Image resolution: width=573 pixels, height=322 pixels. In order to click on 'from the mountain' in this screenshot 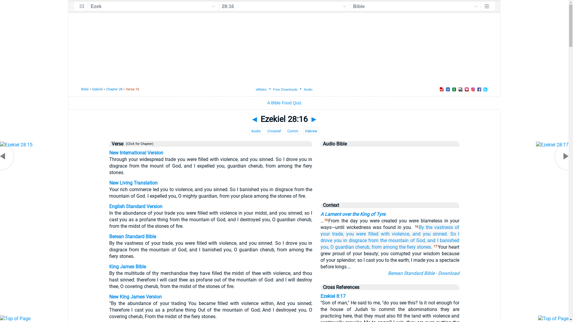, I will do `click(388, 240)`.